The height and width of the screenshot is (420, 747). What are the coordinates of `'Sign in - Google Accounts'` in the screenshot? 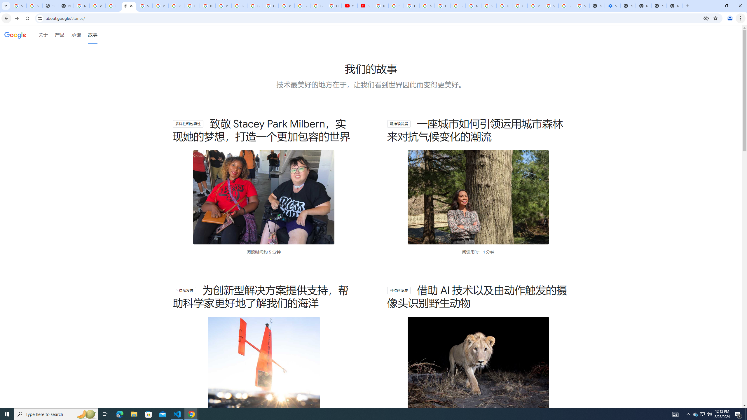 It's located at (582, 6).